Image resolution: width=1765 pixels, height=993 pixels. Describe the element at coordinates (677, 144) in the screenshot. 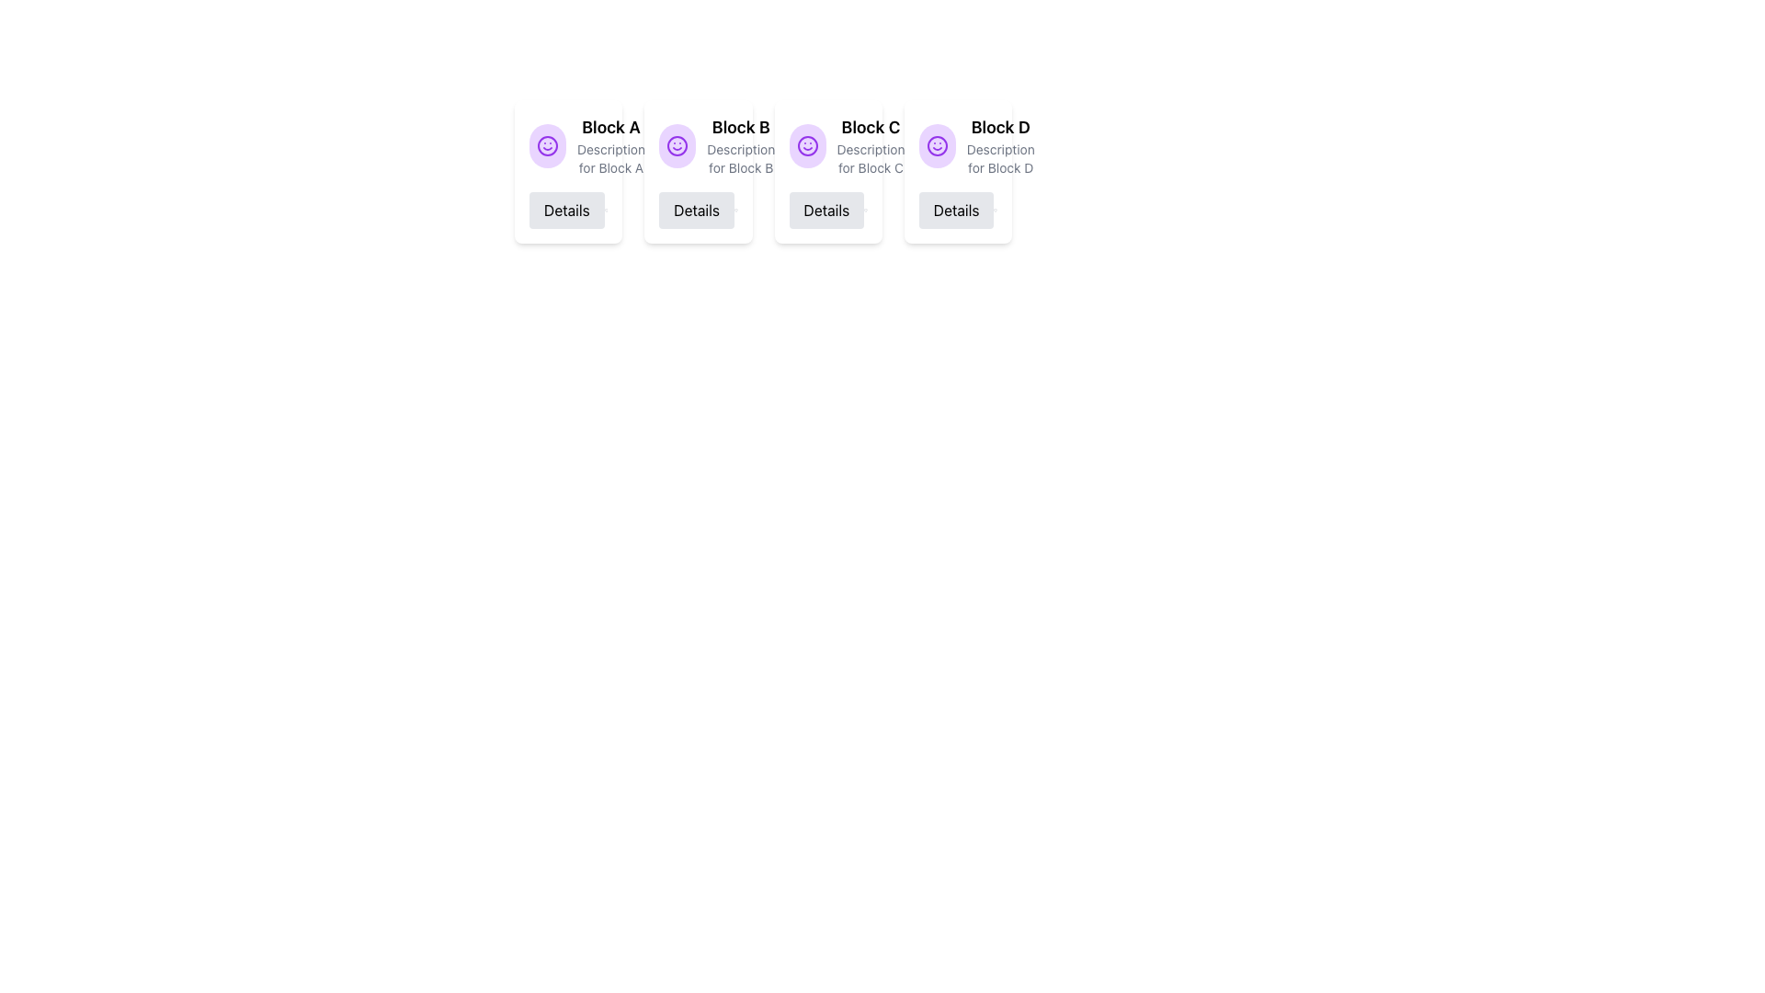

I see `the circular icon with a light purple background and a smiling face, located in the upper portion of the card labeled 'Block B'` at that location.